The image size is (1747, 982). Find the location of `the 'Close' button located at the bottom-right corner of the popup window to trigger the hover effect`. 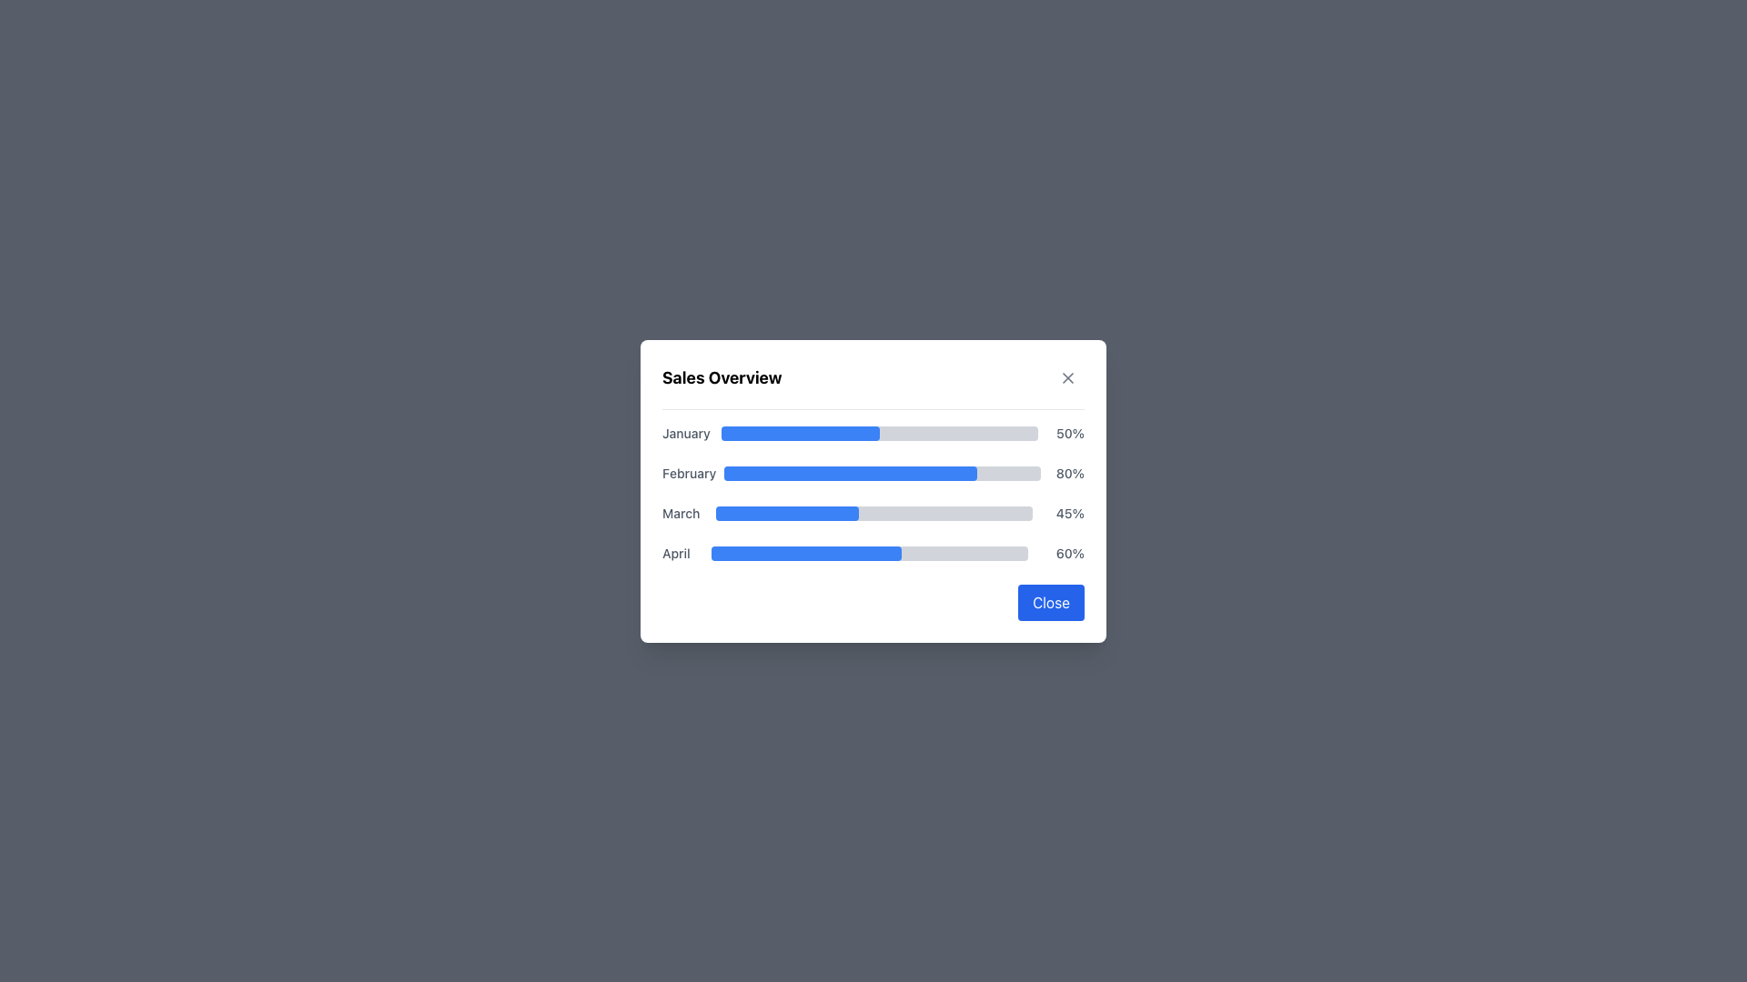

the 'Close' button located at the bottom-right corner of the popup window to trigger the hover effect is located at coordinates (1051, 602).